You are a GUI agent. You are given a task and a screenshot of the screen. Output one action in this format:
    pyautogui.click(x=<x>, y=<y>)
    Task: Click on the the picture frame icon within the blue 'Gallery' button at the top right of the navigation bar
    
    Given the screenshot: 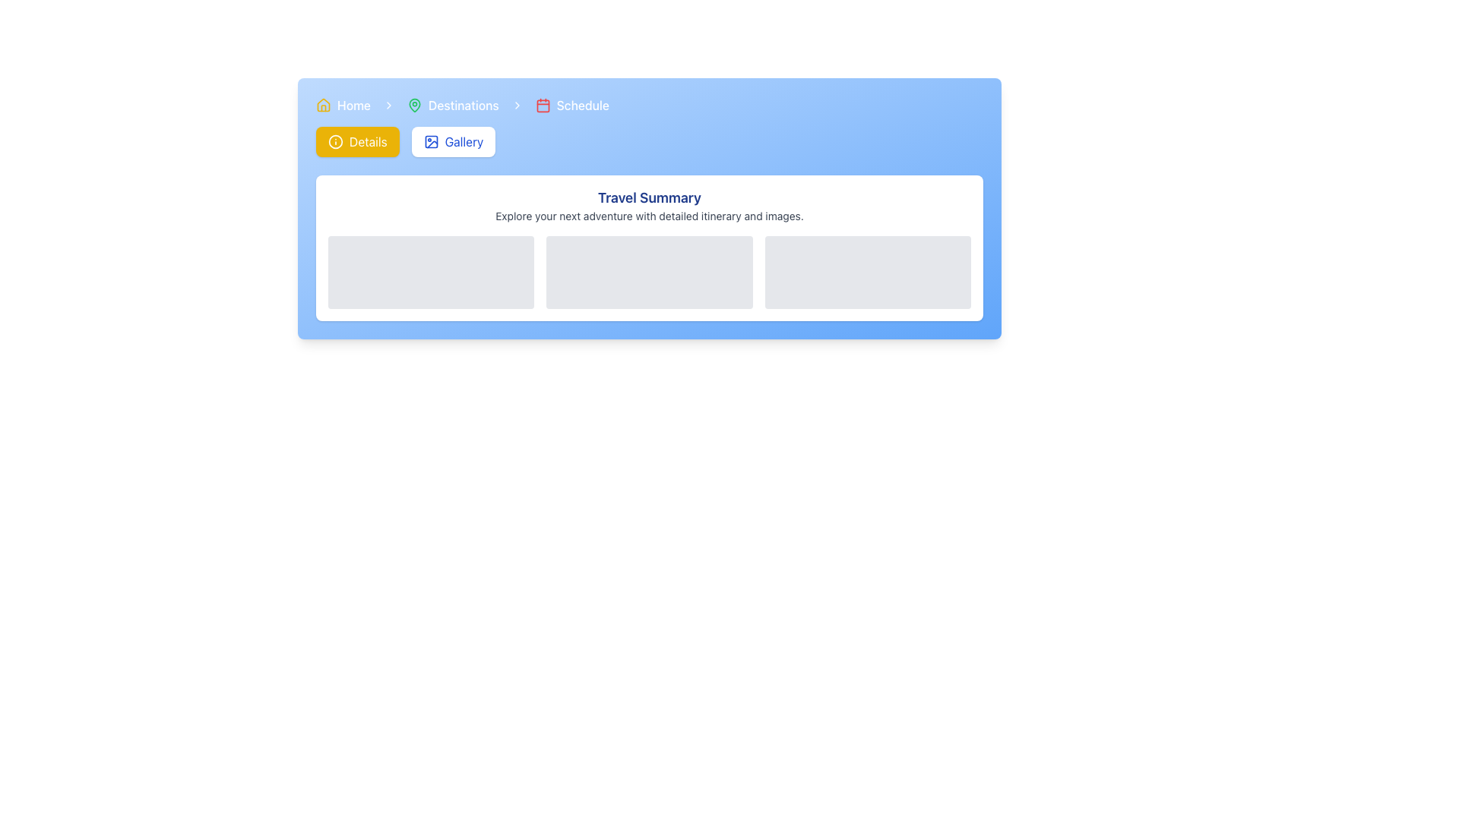 What is the action you would take?
    pyautogui.click(x=430, y=141)
    